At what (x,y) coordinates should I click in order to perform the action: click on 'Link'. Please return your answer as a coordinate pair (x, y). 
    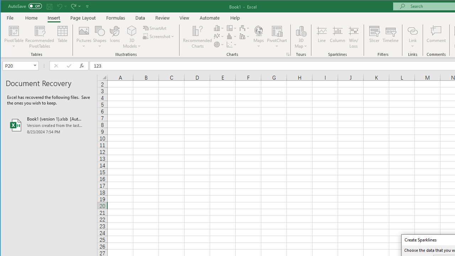
    Looking at the image, I should click on (412, 30).